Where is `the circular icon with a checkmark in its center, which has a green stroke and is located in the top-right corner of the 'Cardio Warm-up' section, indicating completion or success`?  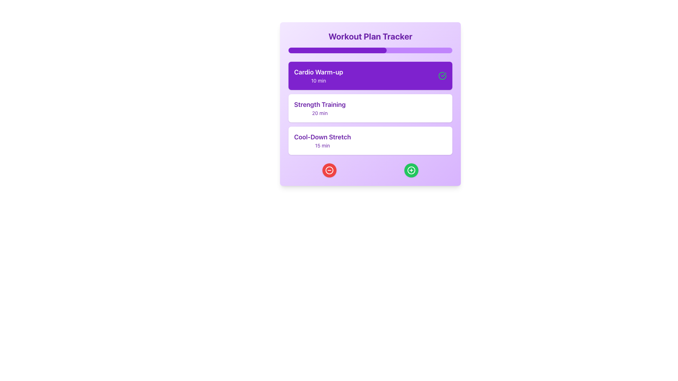 the circular icon with a checkmark in its center, which has a green stroke and is located in the top-right corner of the 'Cardio Warm-up' section, indicating completion or success is located at coordinates (442, 76).